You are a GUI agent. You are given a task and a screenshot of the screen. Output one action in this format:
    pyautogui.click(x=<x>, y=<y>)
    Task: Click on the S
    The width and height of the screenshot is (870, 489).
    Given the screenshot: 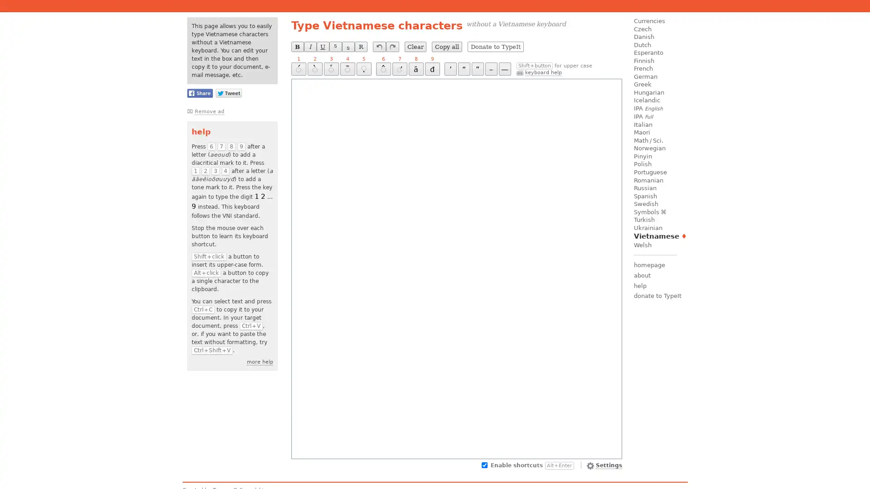 What is the action you would take?
    pyautogui.click(x=334, y=47)
    